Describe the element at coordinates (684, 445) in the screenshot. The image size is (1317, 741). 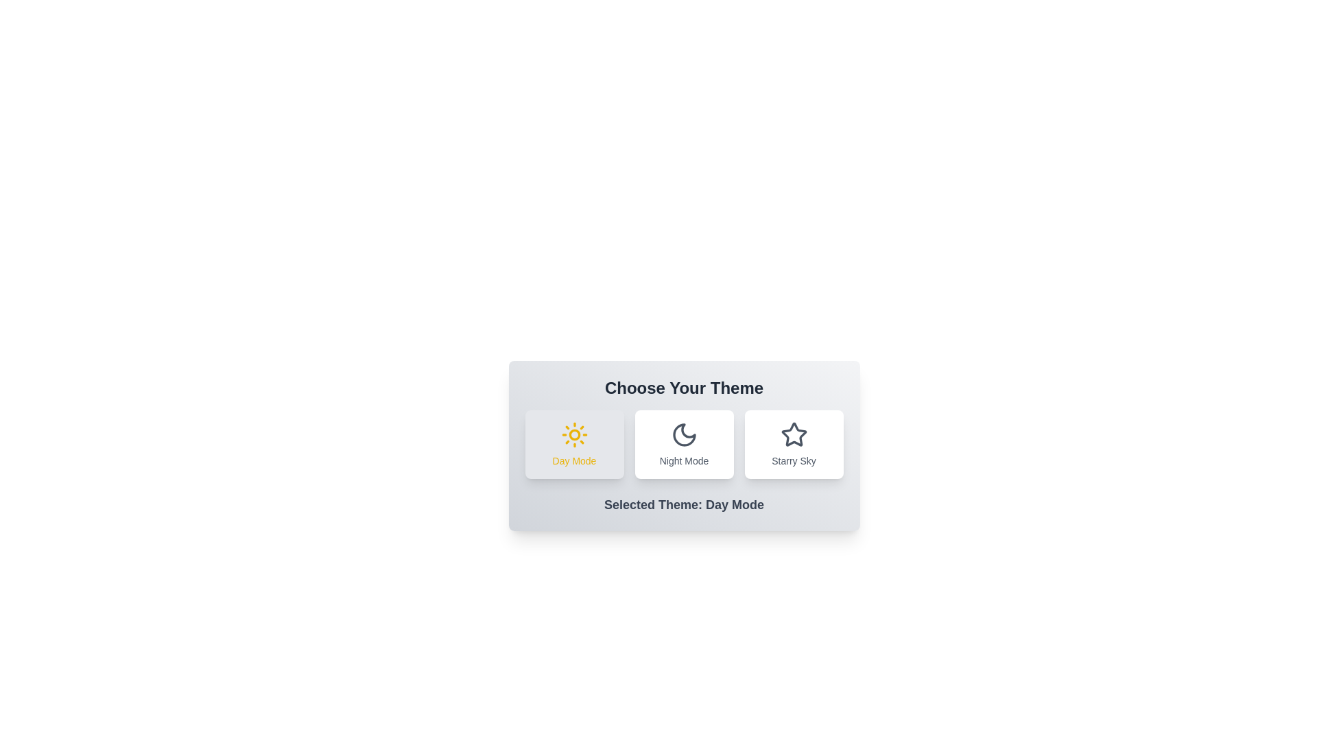
I see `the theme Night Mode by clicking on its corresponding button` at that location.